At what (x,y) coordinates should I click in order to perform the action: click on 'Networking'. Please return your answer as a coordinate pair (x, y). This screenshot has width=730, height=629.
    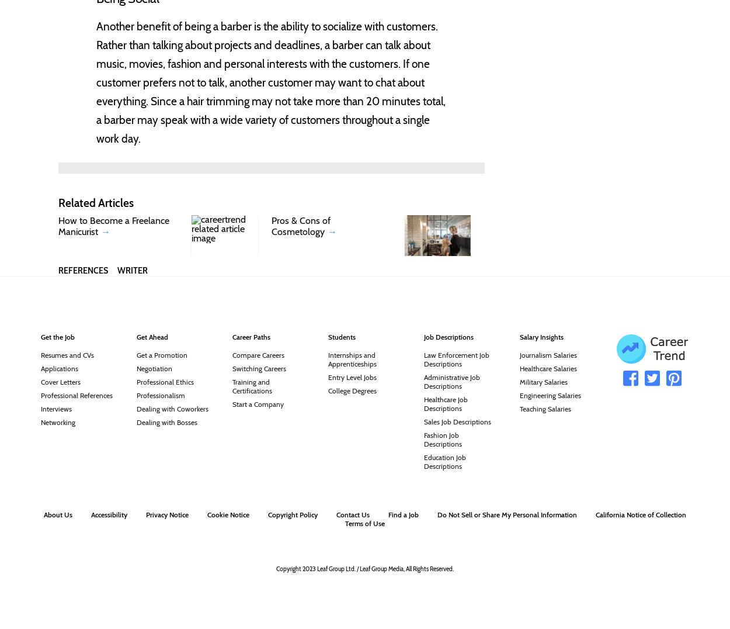
    Looking at the image, I should click on (57, 421).